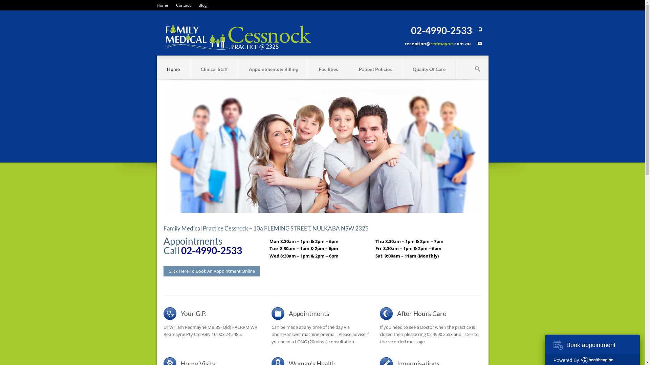 The height and width of the screenshot is (365, 650). I want to click on 'reception@redmayne.com.au', so click(437, 43).